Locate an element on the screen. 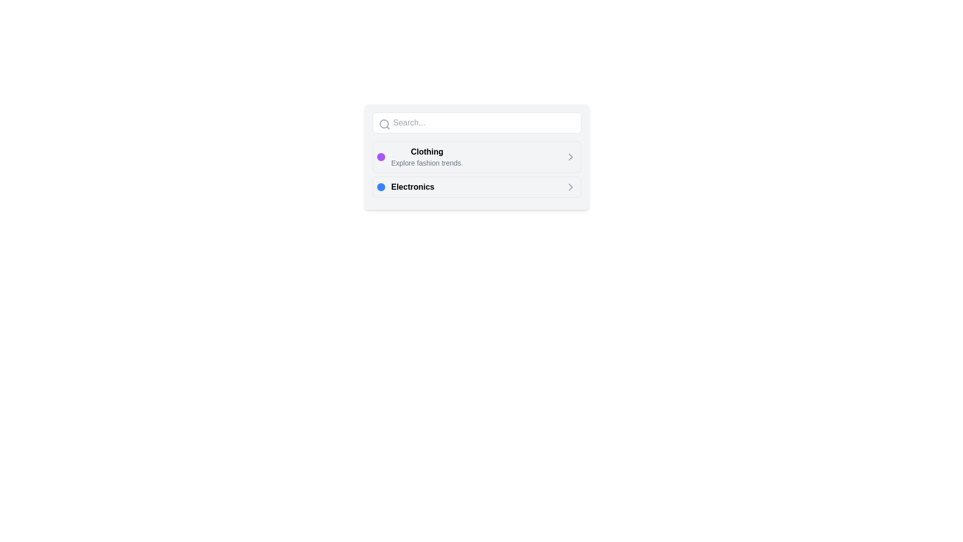  the panel containing the sections for 'Clothing' and 'Electronics' is located at coordinates (476, 169).